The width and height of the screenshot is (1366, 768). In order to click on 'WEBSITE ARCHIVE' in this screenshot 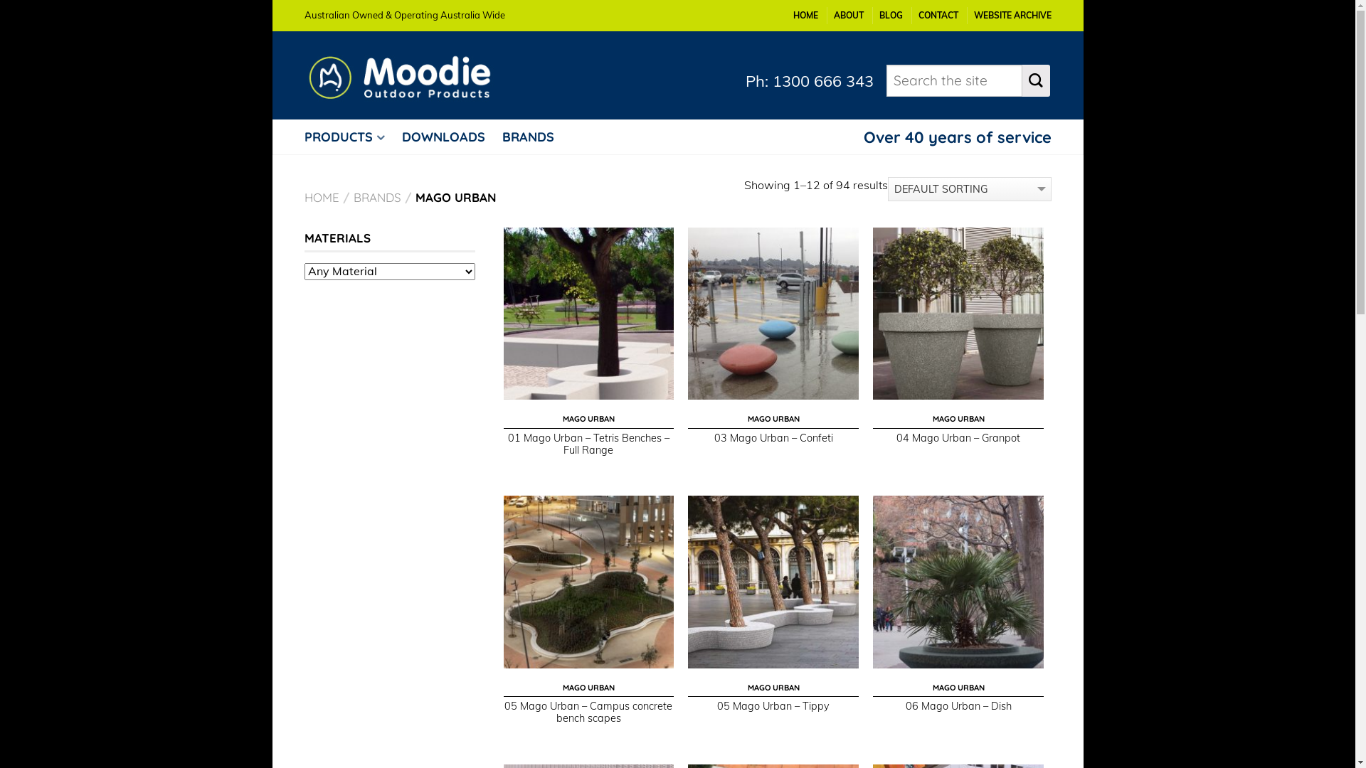, I will do `click(973, 15)`.